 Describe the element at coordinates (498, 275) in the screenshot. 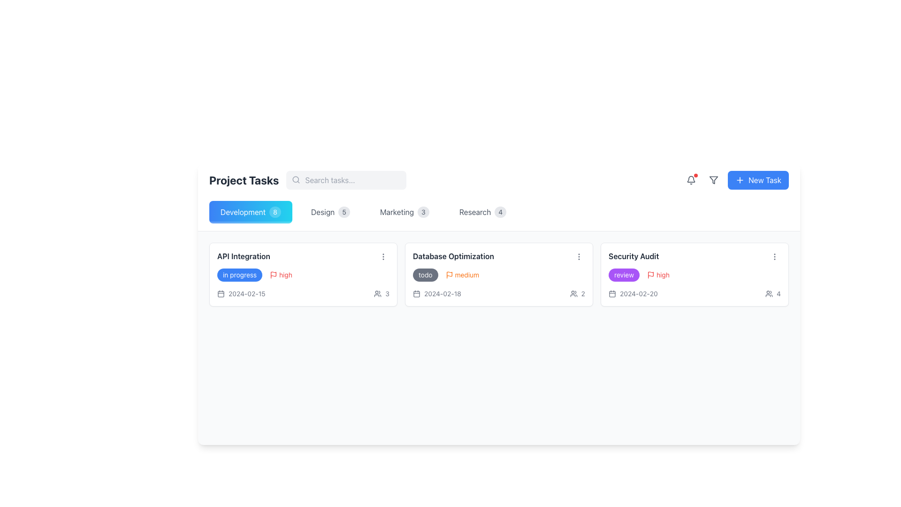

I see `the red marker in the 'Database Optimization' card, which is part of a composite element containing a 'todo' badge and 'medium' priority label` at that location.